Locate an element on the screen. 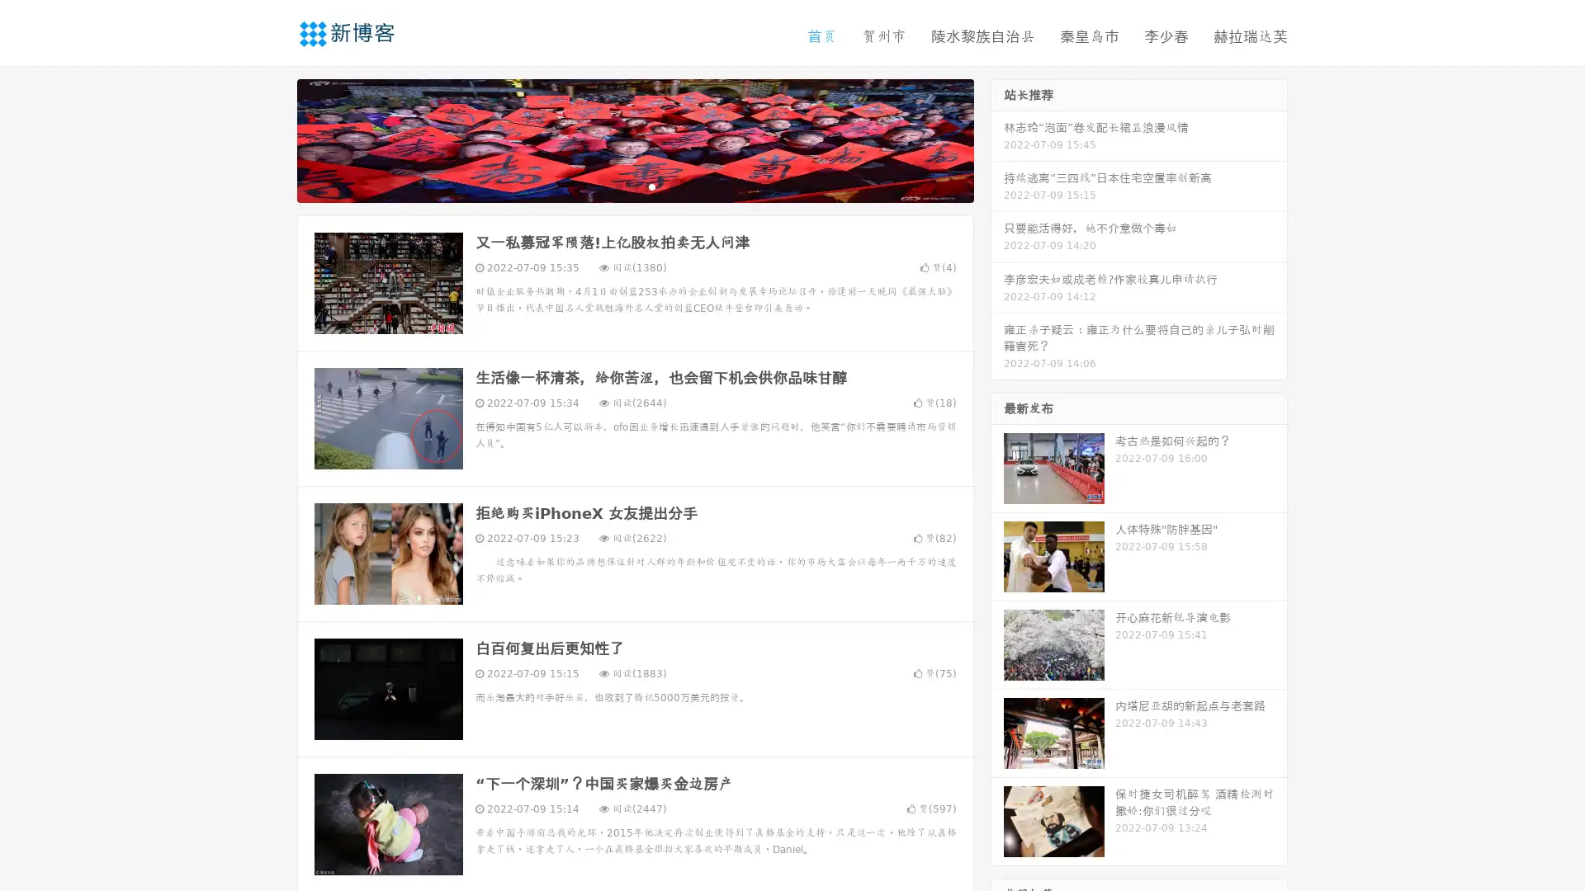 This screenshot has width=1585, height=891. Go to slide 1 is located at coordinates (617, 186).